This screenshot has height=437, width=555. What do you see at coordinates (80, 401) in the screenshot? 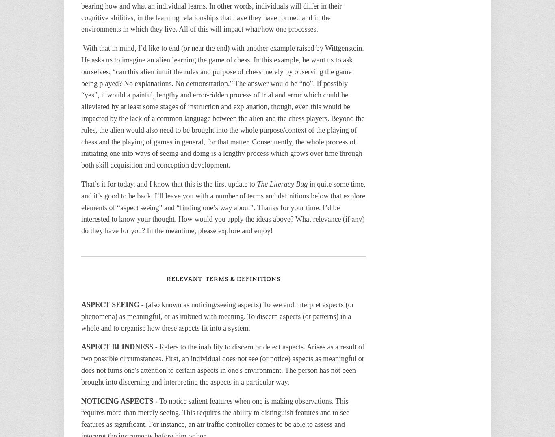
I see `'NOTICING ASPECTS'` at bounding box center [80, 401].